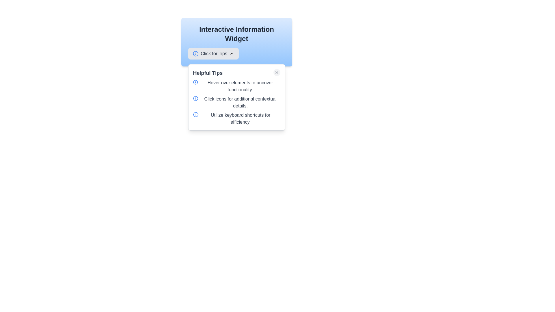  What do you see at coordinates (236, 102) in the screenshot?
I see `text block beneath the heading 'Helpful Tips' that contains the informational icon and the text 'Click icons for additional contextual details.'` at bounding box center [236, 102].